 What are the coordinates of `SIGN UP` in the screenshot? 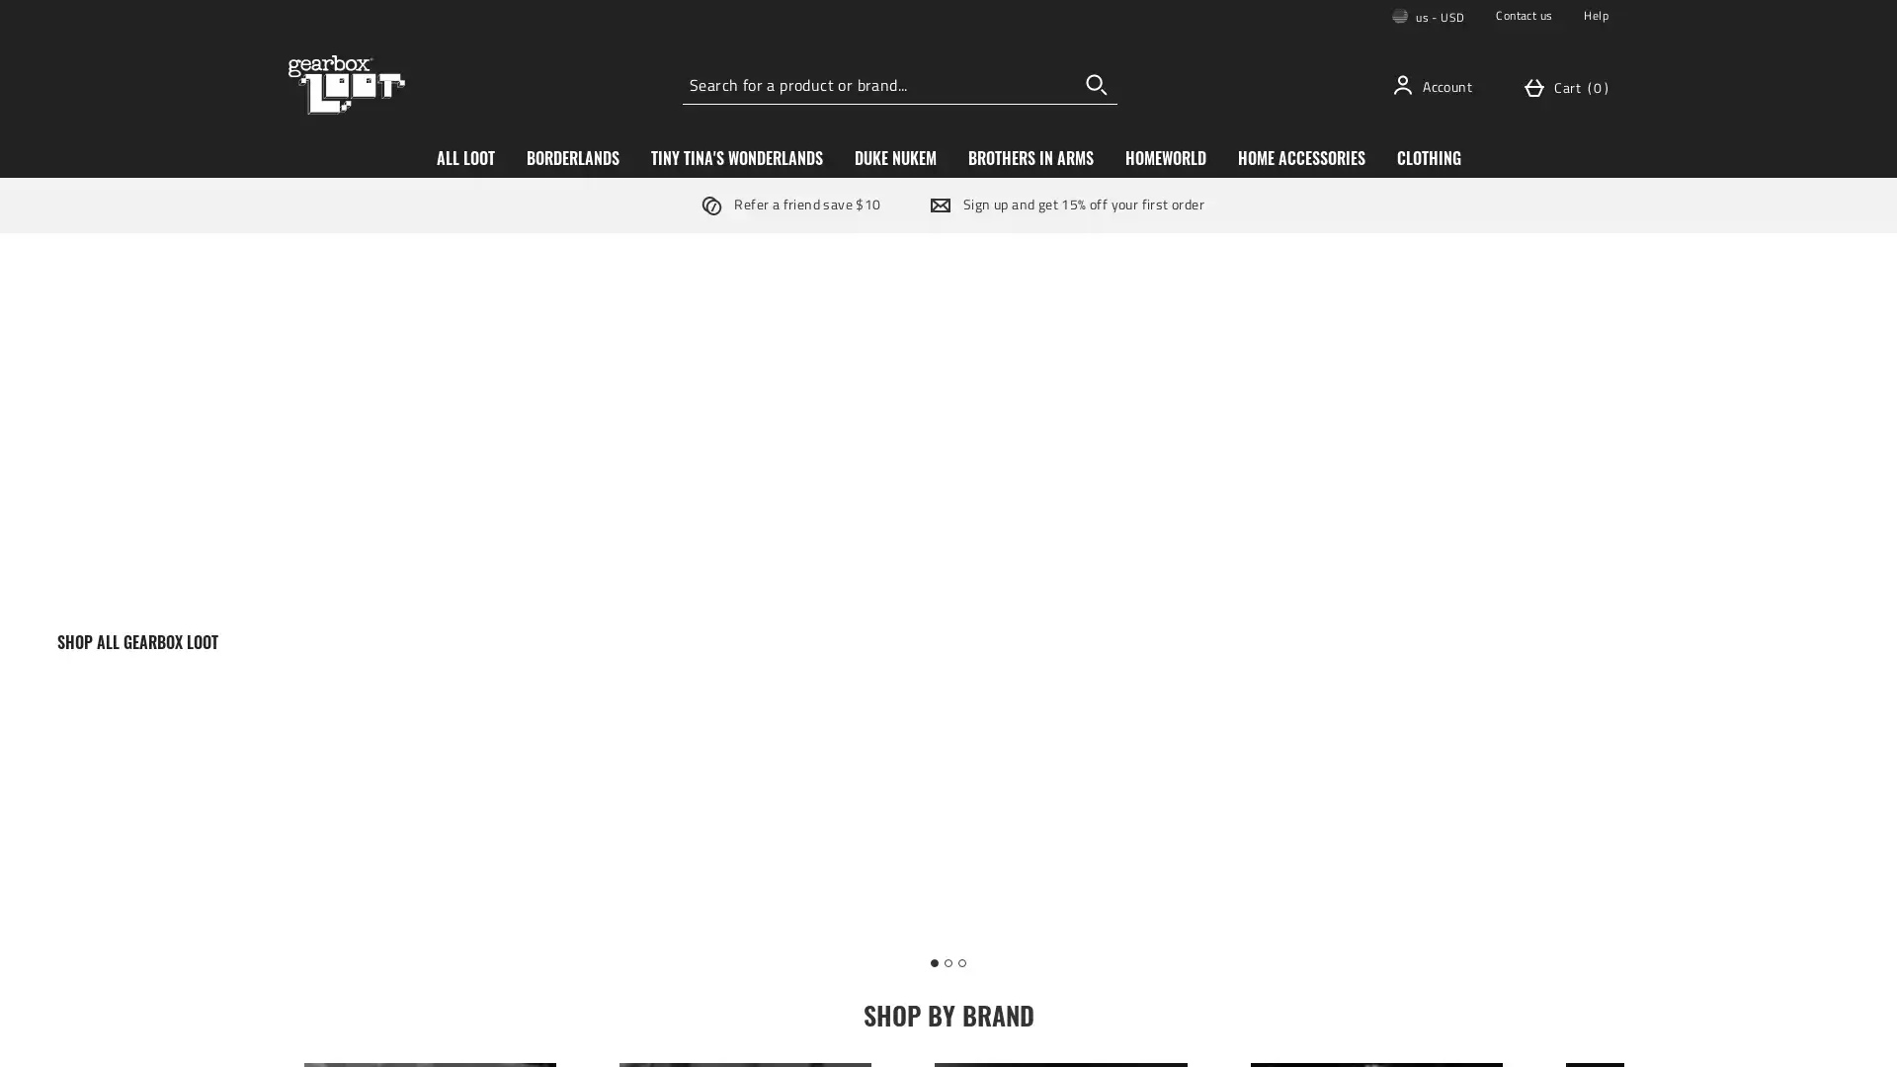 It's located at (1095, 616).